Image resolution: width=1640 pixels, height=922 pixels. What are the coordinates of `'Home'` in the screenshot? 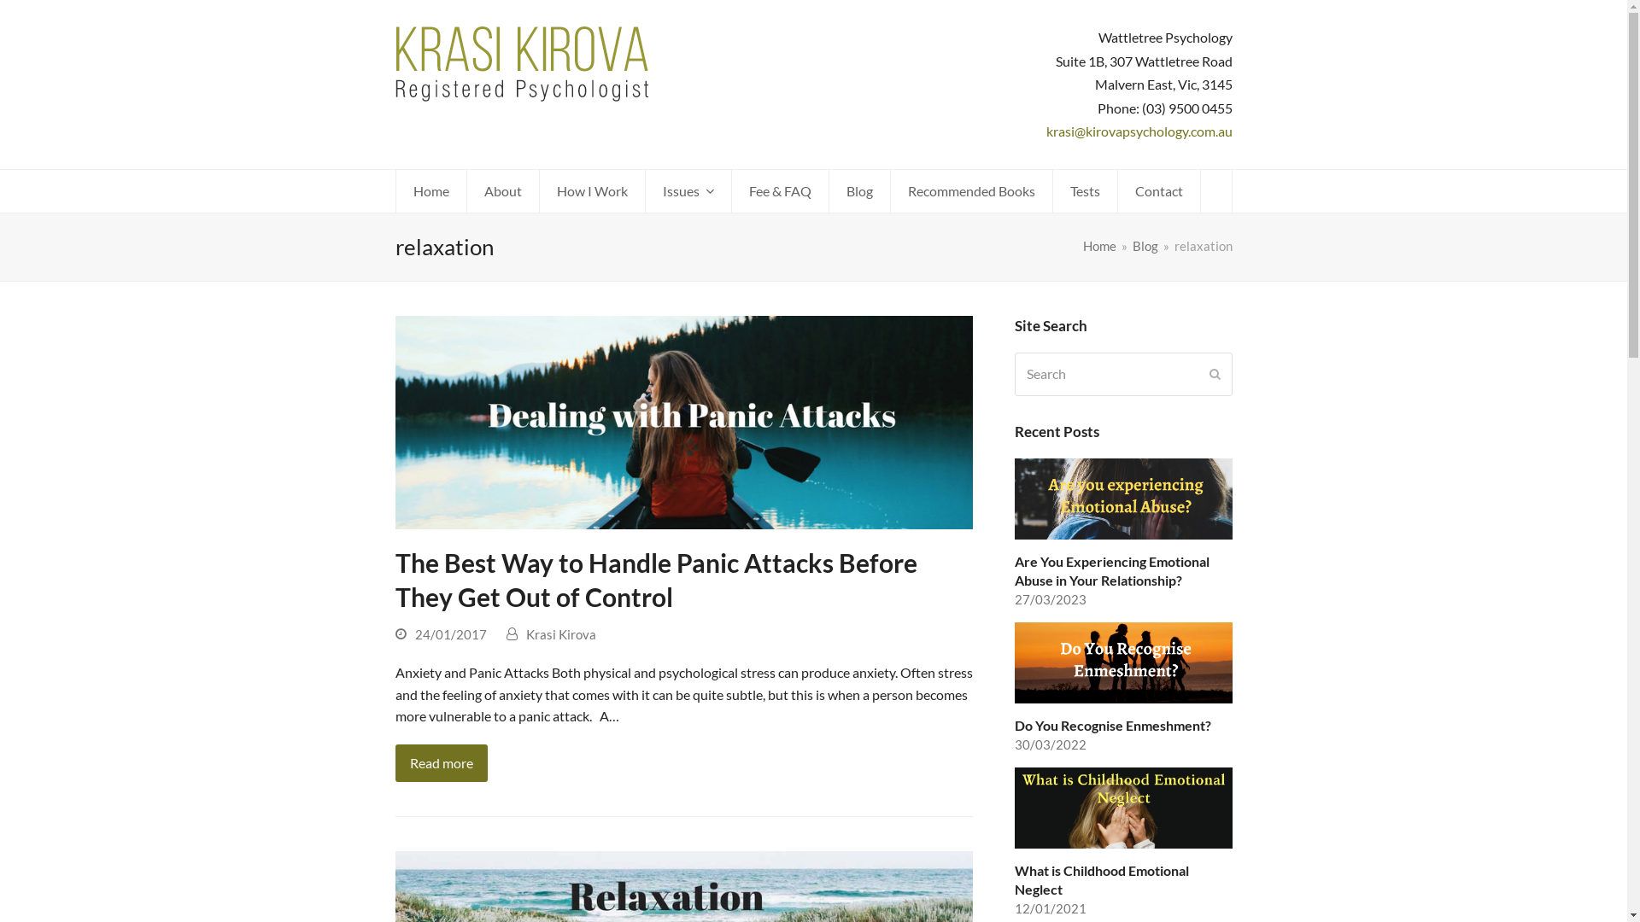 It's located at (1081, 246).